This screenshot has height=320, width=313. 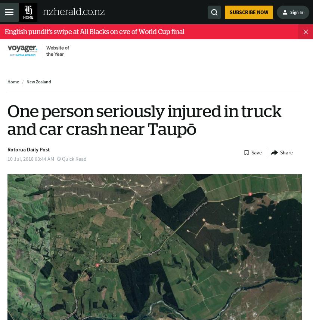 What do you see at coordinates (23, 81) in the screenshot?
I see `'/'` at bounding box center [23, 81].